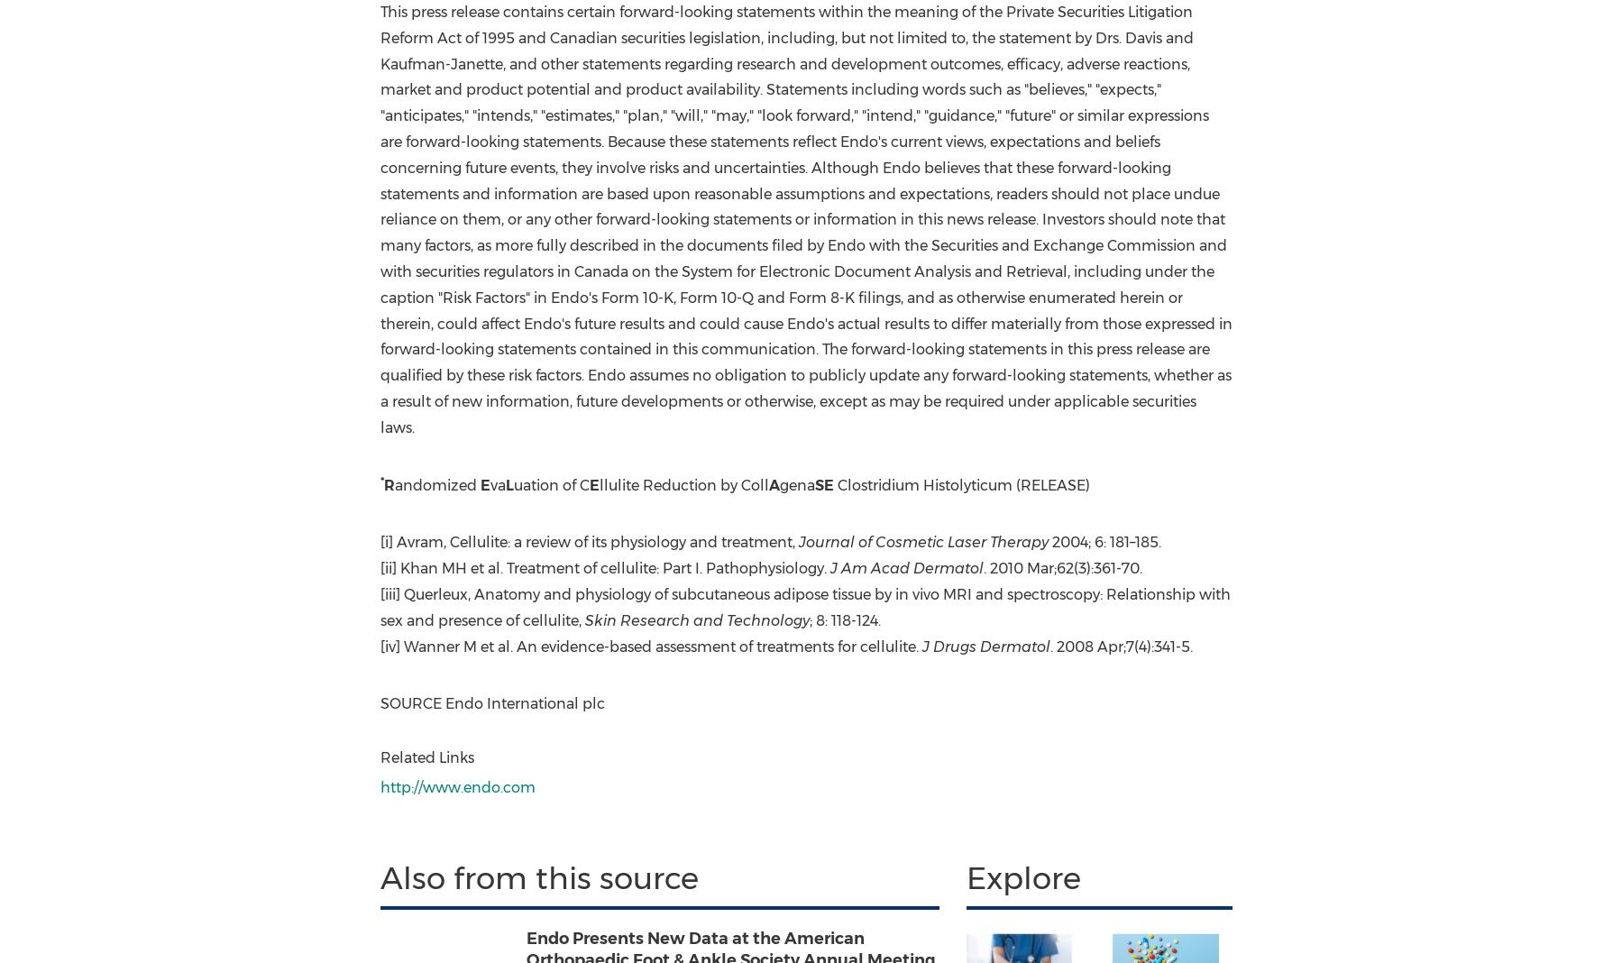  What do you see at coordinates (380, 786) in the screenshot?
I see `'http://www.endo.com'` at bounding box center [380, 786].